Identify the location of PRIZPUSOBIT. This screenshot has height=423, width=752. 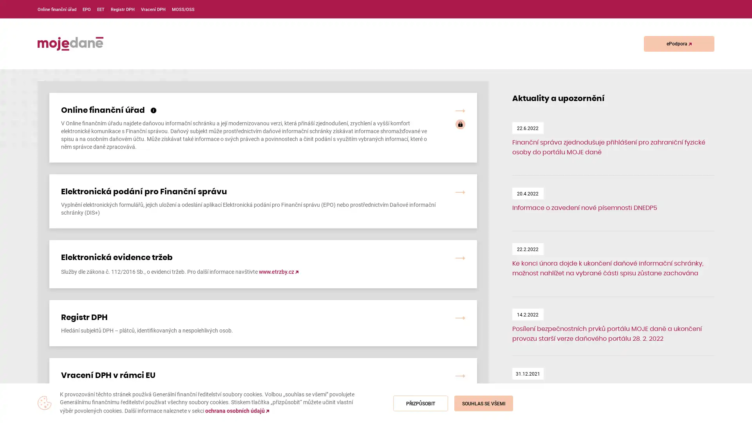
(420, 403).